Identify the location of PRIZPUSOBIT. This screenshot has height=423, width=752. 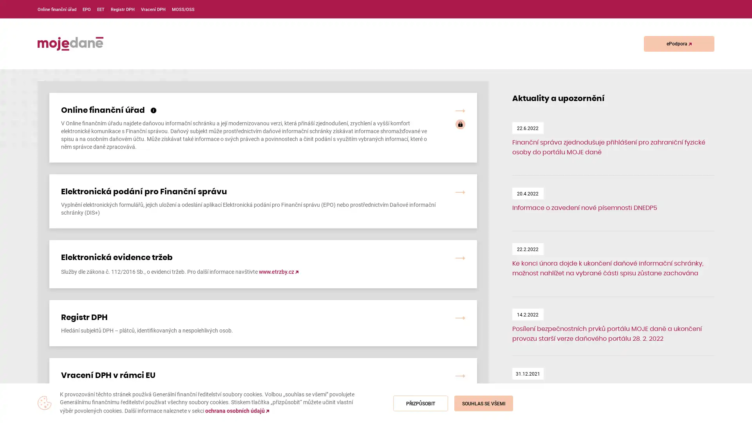
(420, 403).